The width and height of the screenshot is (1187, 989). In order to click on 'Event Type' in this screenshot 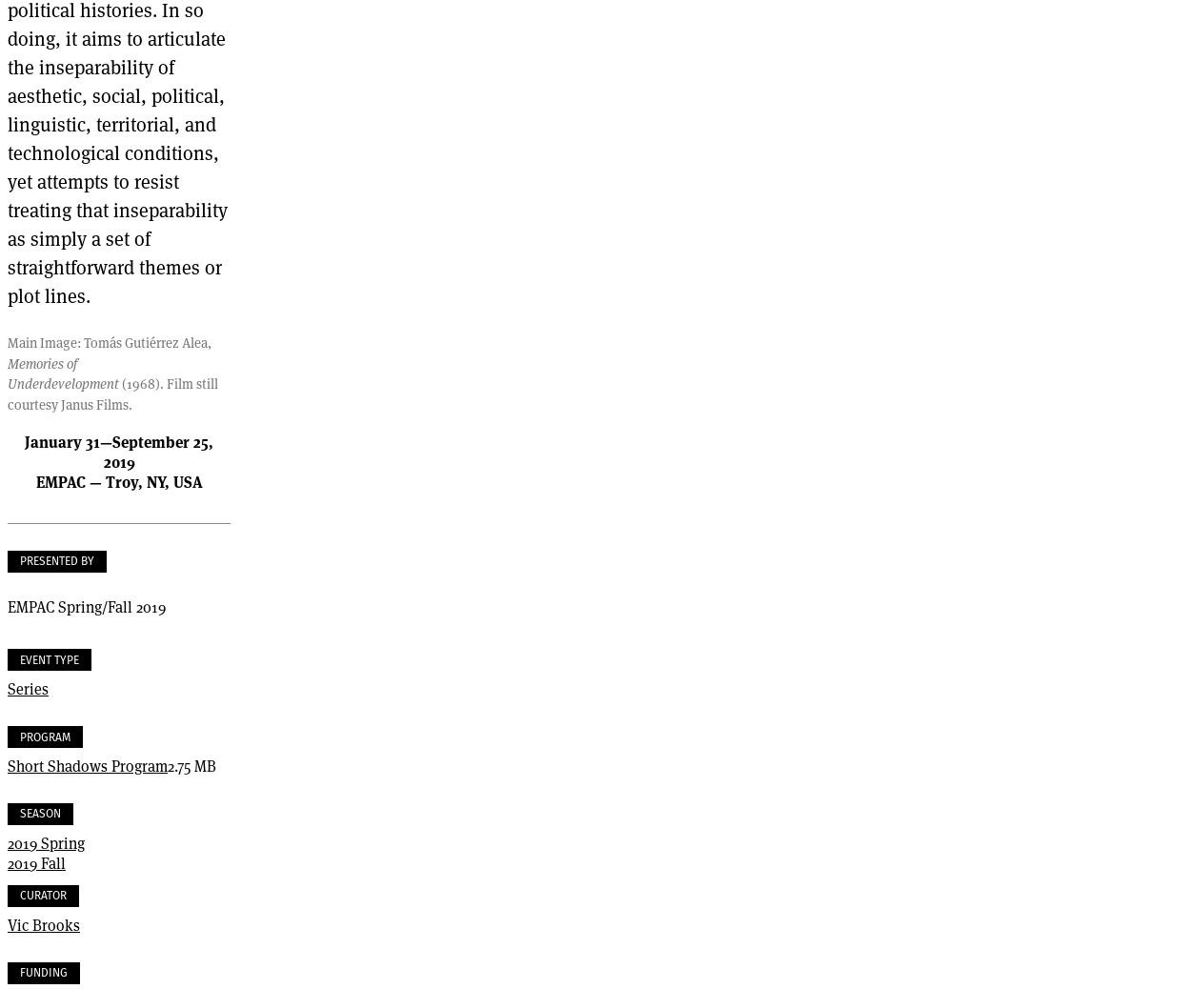, I will do `click(49, 658)`.